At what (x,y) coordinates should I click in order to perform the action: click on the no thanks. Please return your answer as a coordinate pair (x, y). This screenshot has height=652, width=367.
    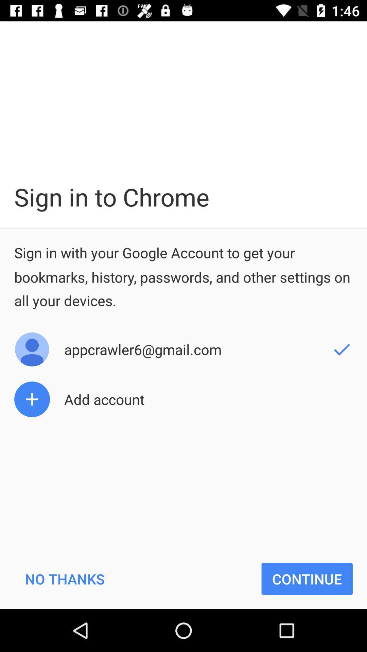
    Looking at the image, I should click on (65, 578).